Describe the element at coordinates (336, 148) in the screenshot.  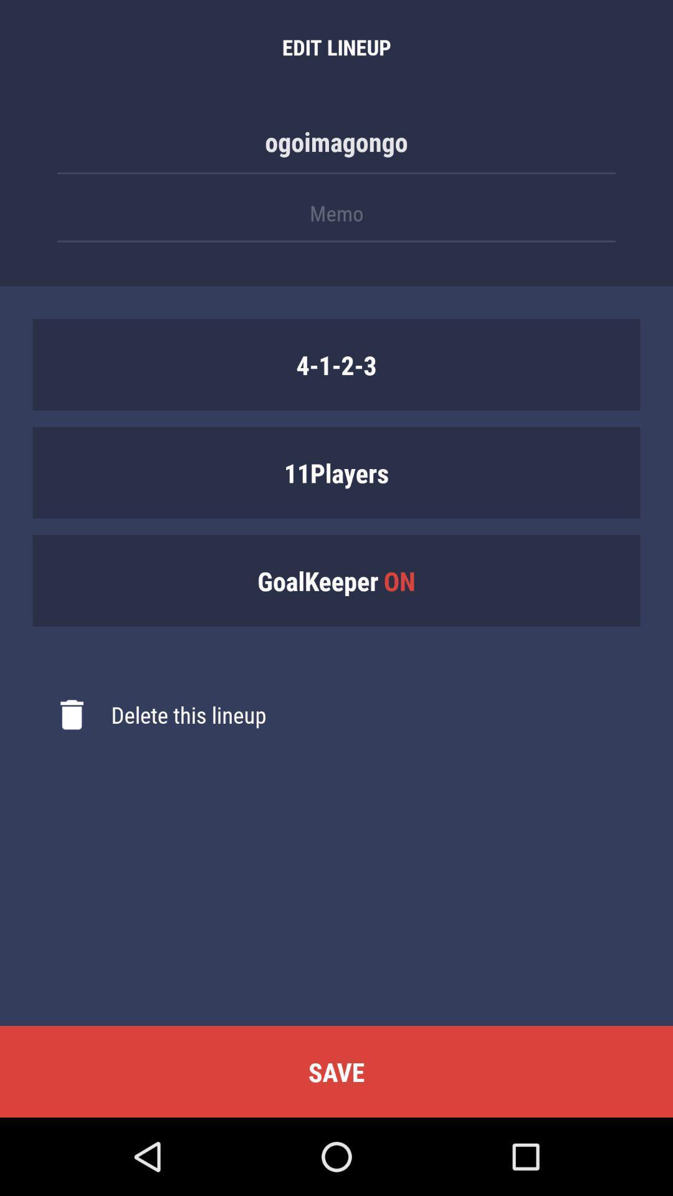
I see `the ogoimagongo item` at that location.